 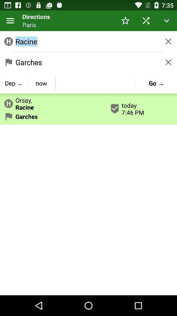 What do you see at coordinates (41, 83) in the screenshot?
I see `icon next to today 7 46 item` at bounding box center [41, 83].